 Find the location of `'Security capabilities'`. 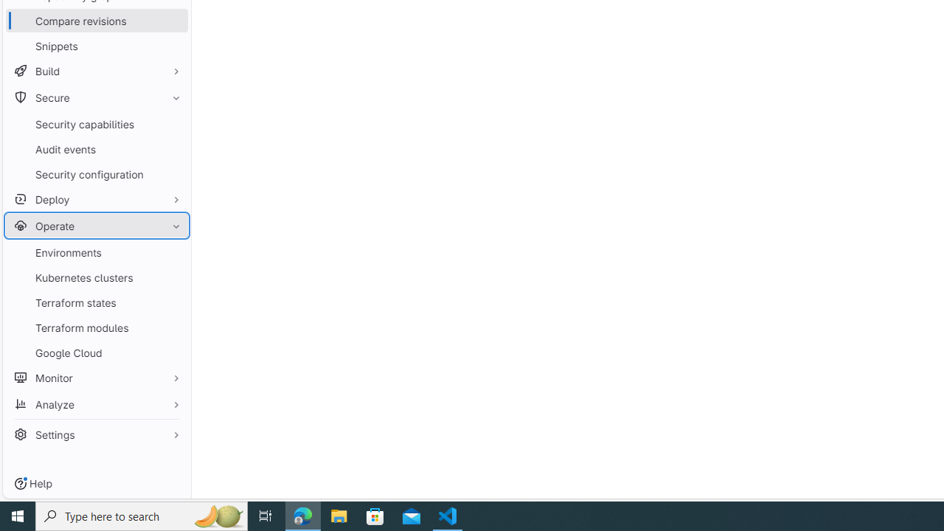

'Security capabilities' is located at coordinates (96, 123).